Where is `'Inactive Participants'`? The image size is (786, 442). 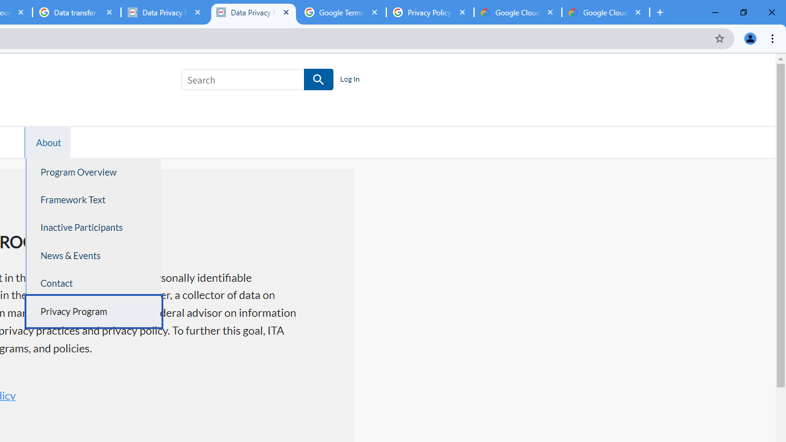
'Inactive Participants' is located at coordinates (93, 227).